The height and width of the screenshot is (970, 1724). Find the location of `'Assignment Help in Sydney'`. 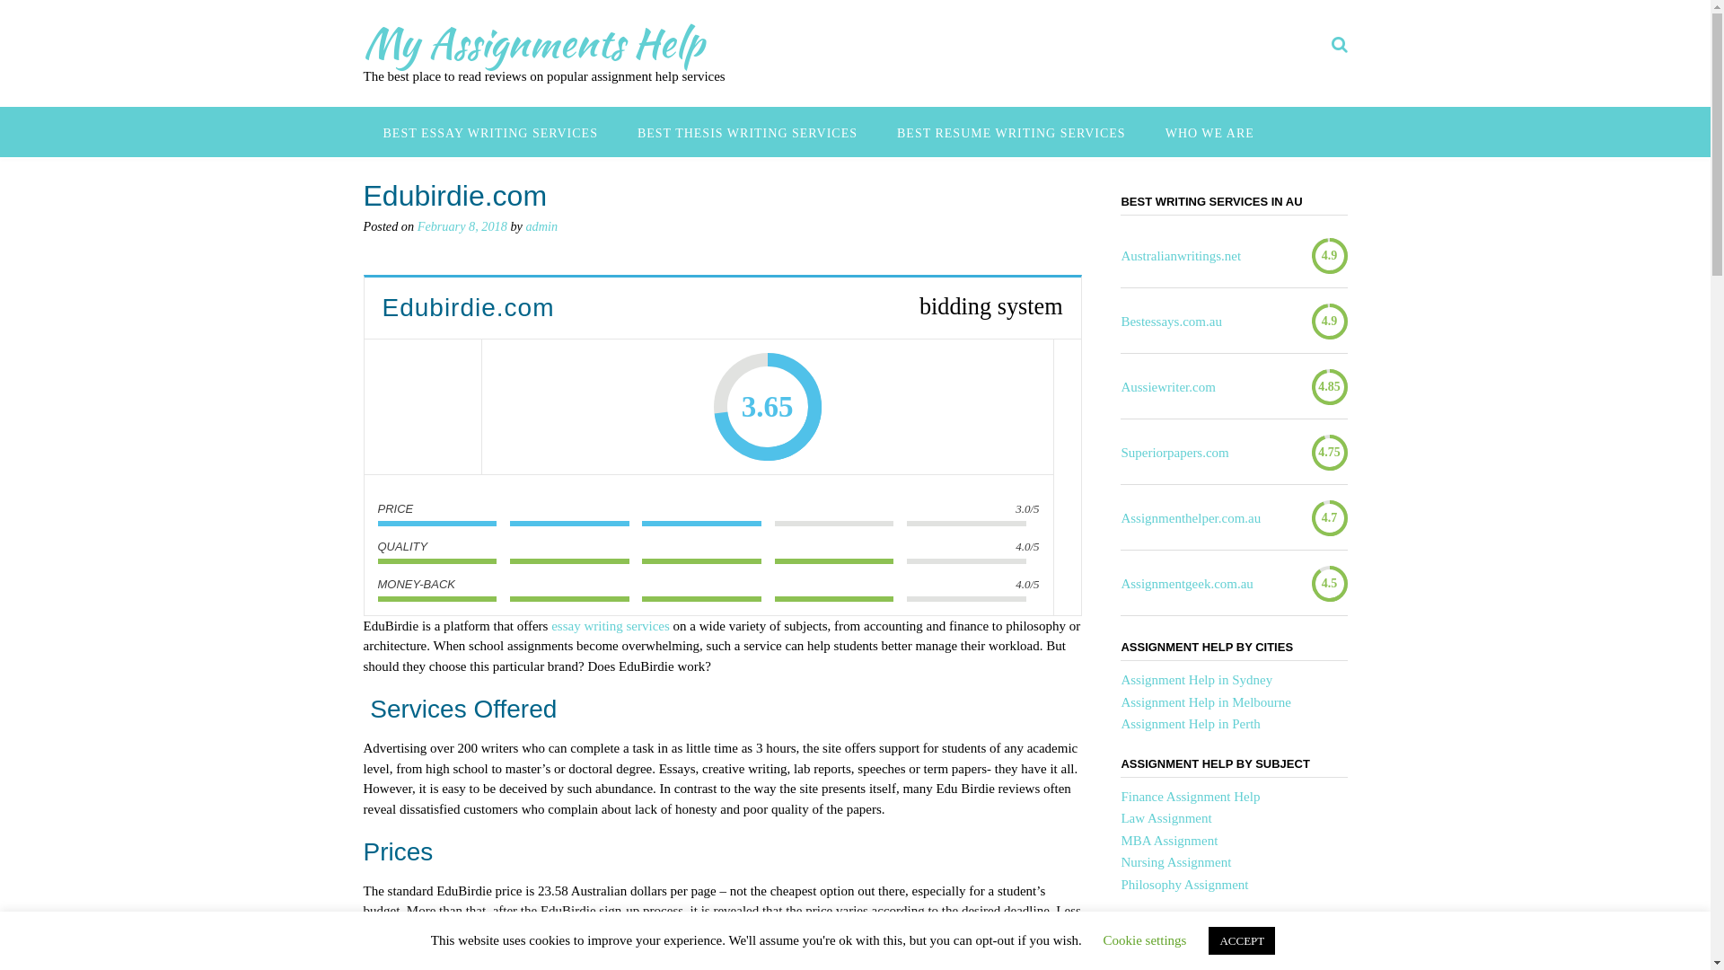

'Assignment Help in Sydney' is located at coordinates (1120, 679).